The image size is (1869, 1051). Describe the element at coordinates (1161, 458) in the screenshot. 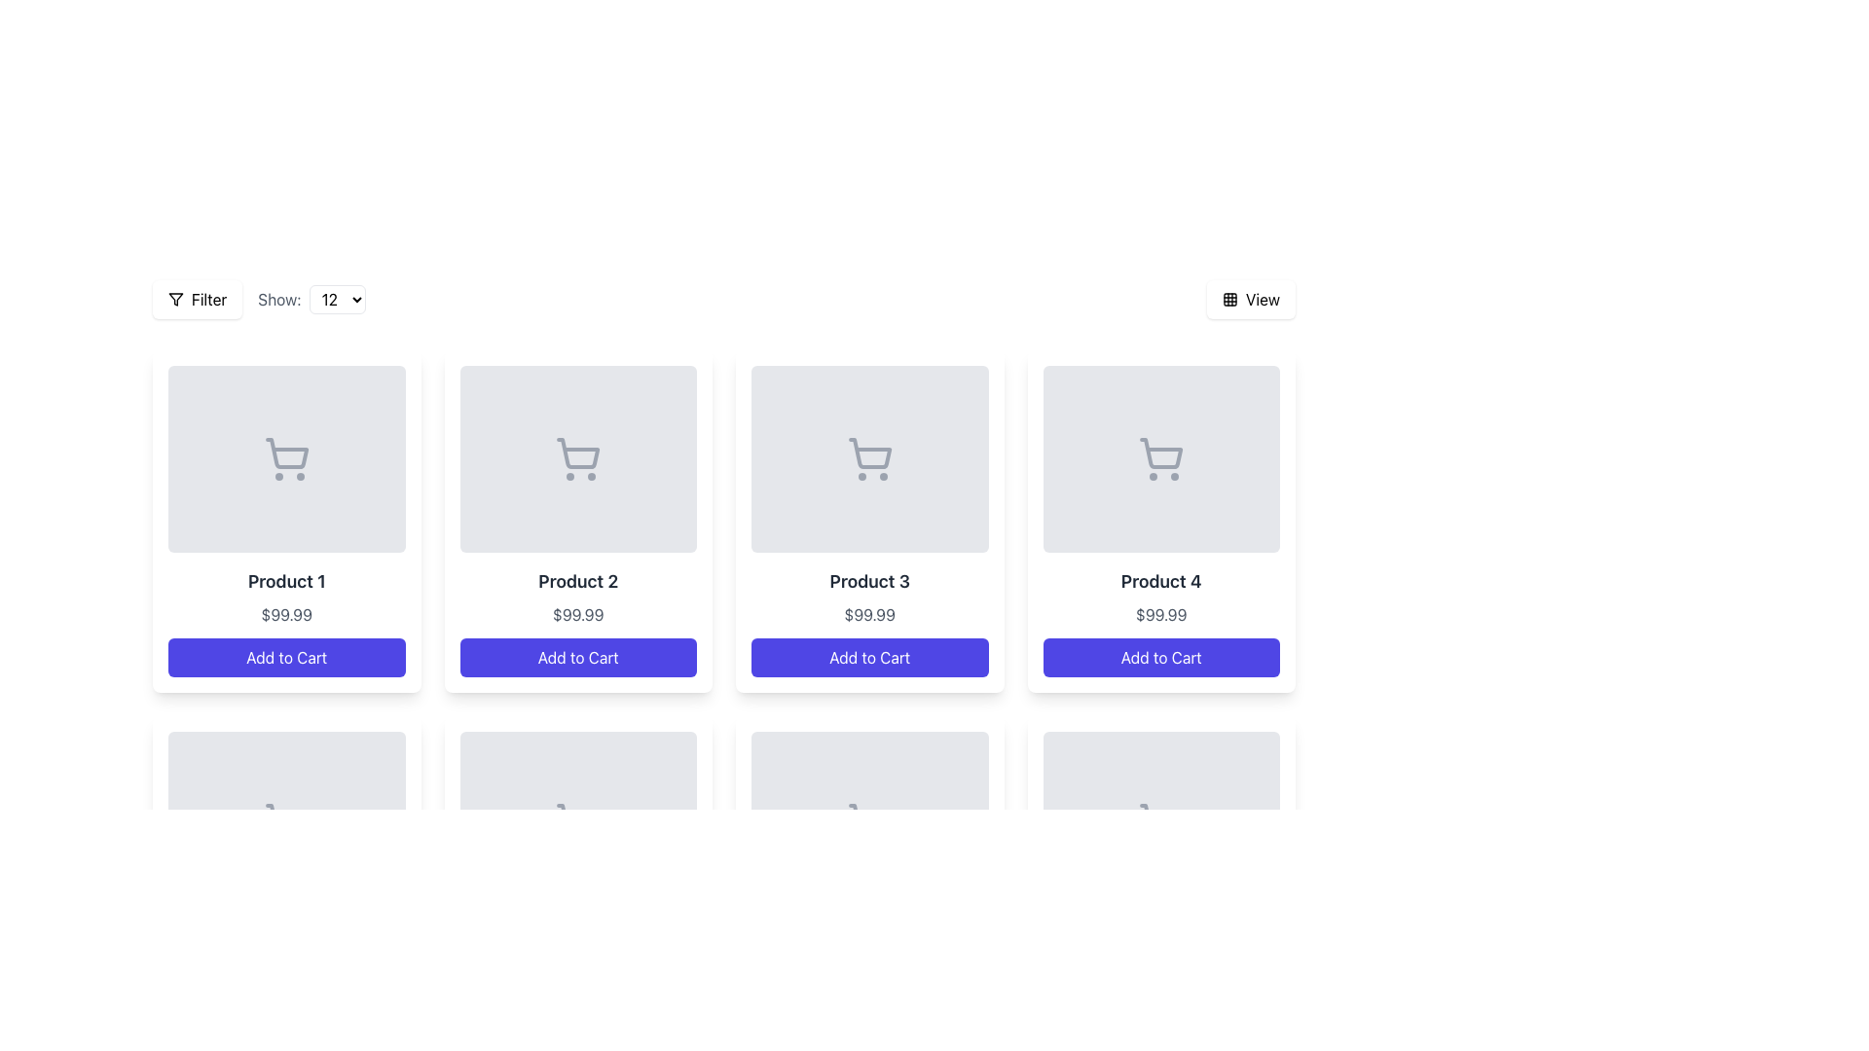

I see `the SVG shopping cart icon located at the center of the 'Product 4' card above the 'Add to Cart' button` at that location.